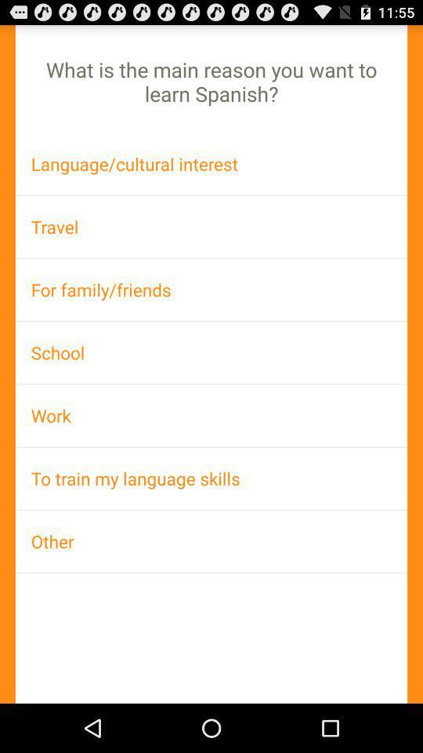  I want to click on icon above school, so click(211, 289).